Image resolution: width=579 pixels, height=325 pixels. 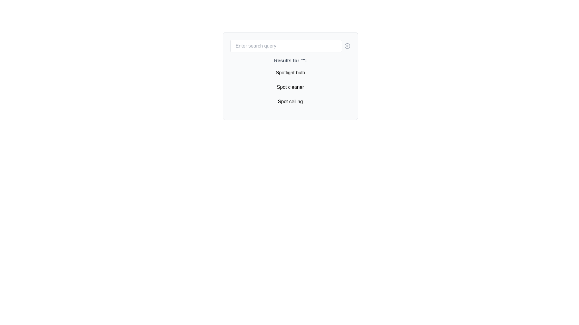 What do you see at coordinates (280, 72) in the screenshot?
I see `the character 'p' in the text 'Spotlight bulb', which is the third character in the sequence, located after 'S' and before 'o'` at bounding box center [280, 72].